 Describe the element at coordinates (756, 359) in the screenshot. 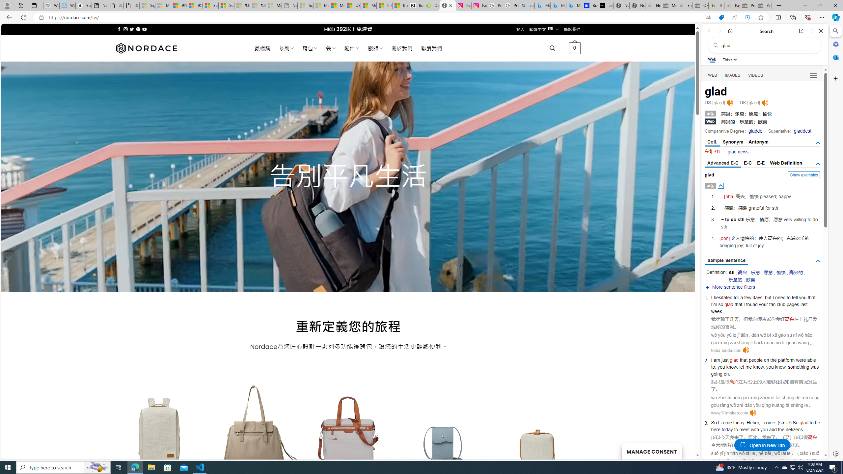

I see `'people'` at that location.